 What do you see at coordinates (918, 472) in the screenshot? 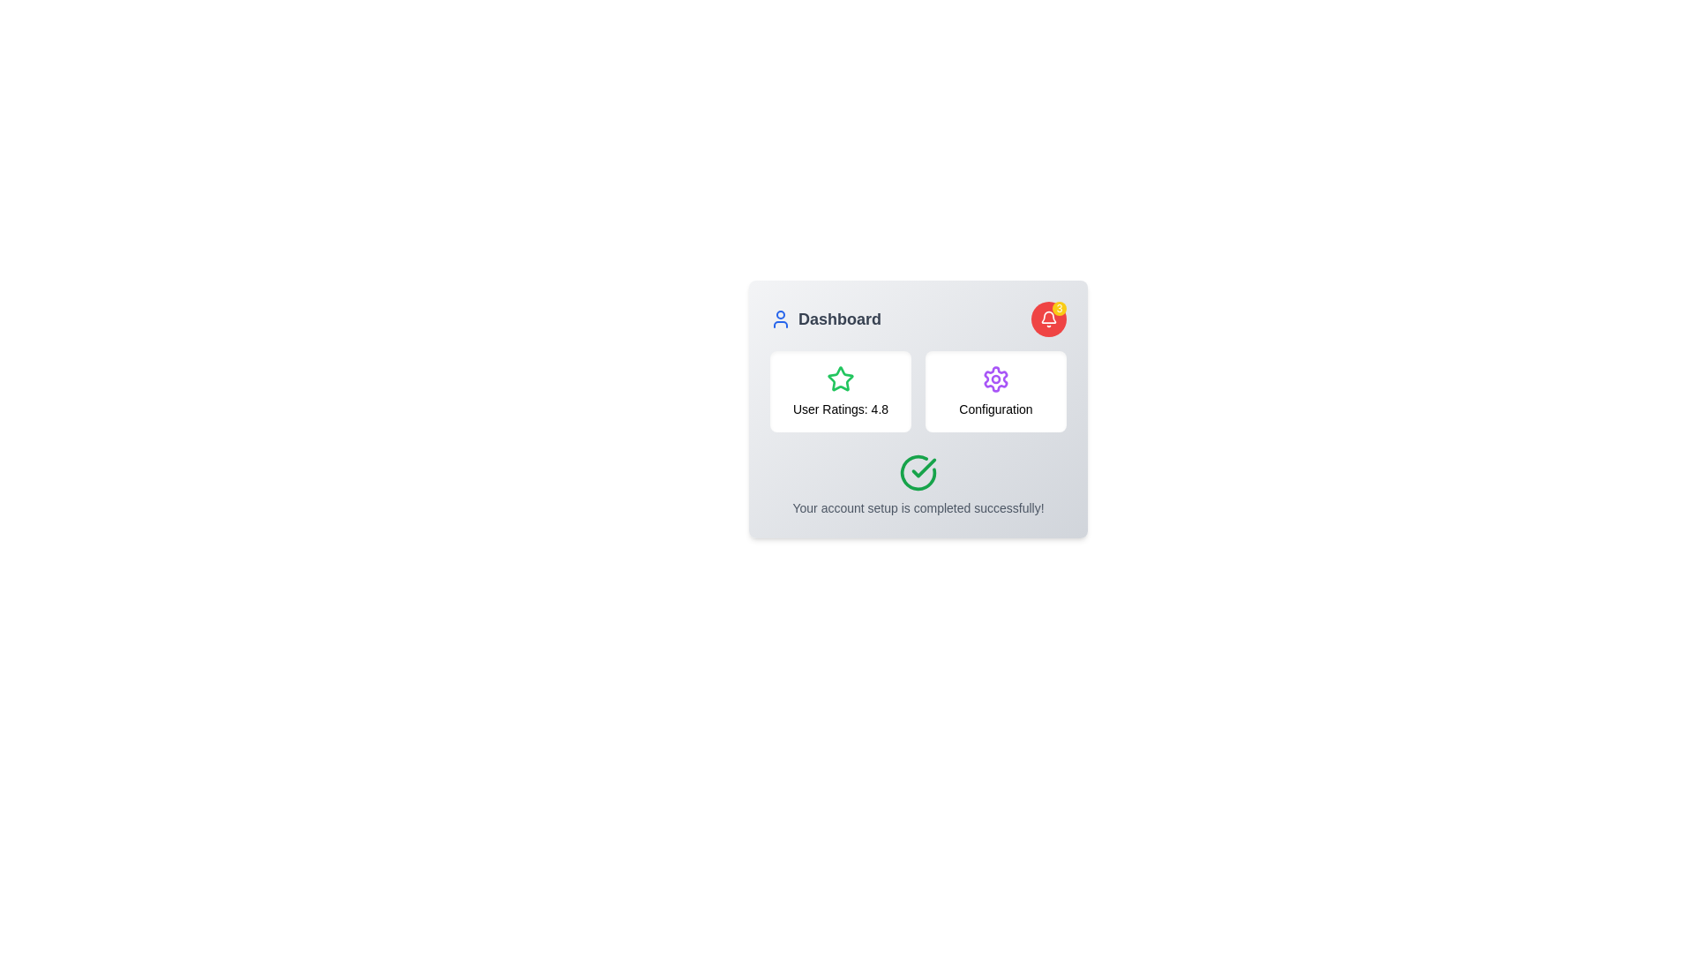
I see `the circular icon with a green check mark that represents confirmation, located centrally within the bottom part of a rectangular card-like section` at bounding box center [918, 472].